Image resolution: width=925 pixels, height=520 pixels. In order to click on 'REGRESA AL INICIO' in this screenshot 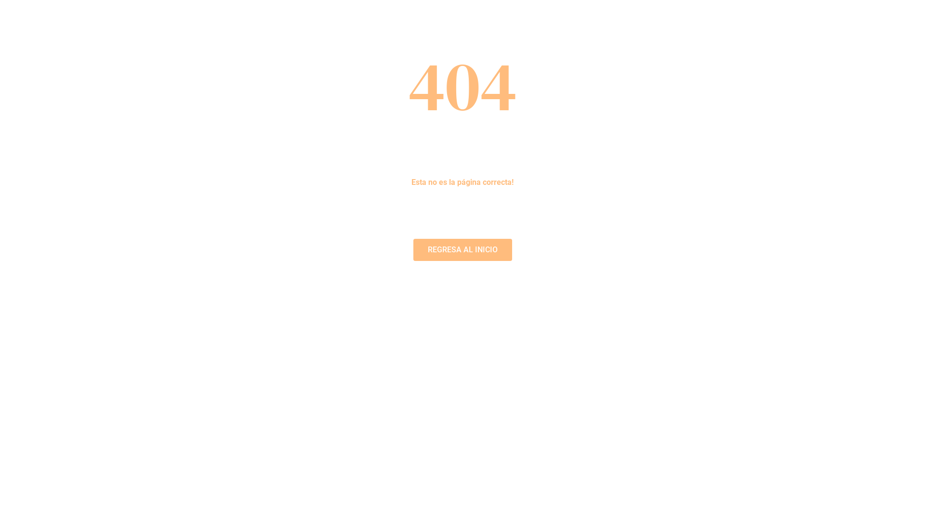, I will do `click(462, 249)`.